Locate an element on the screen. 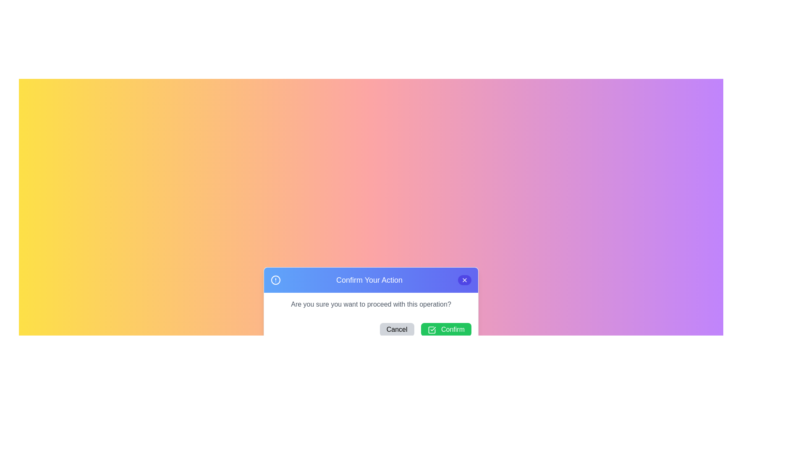 The height and width of the screenshot is (453, 806). the static text stating 'Are you sure you want to proceed with this operation?' which is prominently displayed in a confirmation dialog below the header 'Confirm Your Action' is located at coordinates (370, 304).